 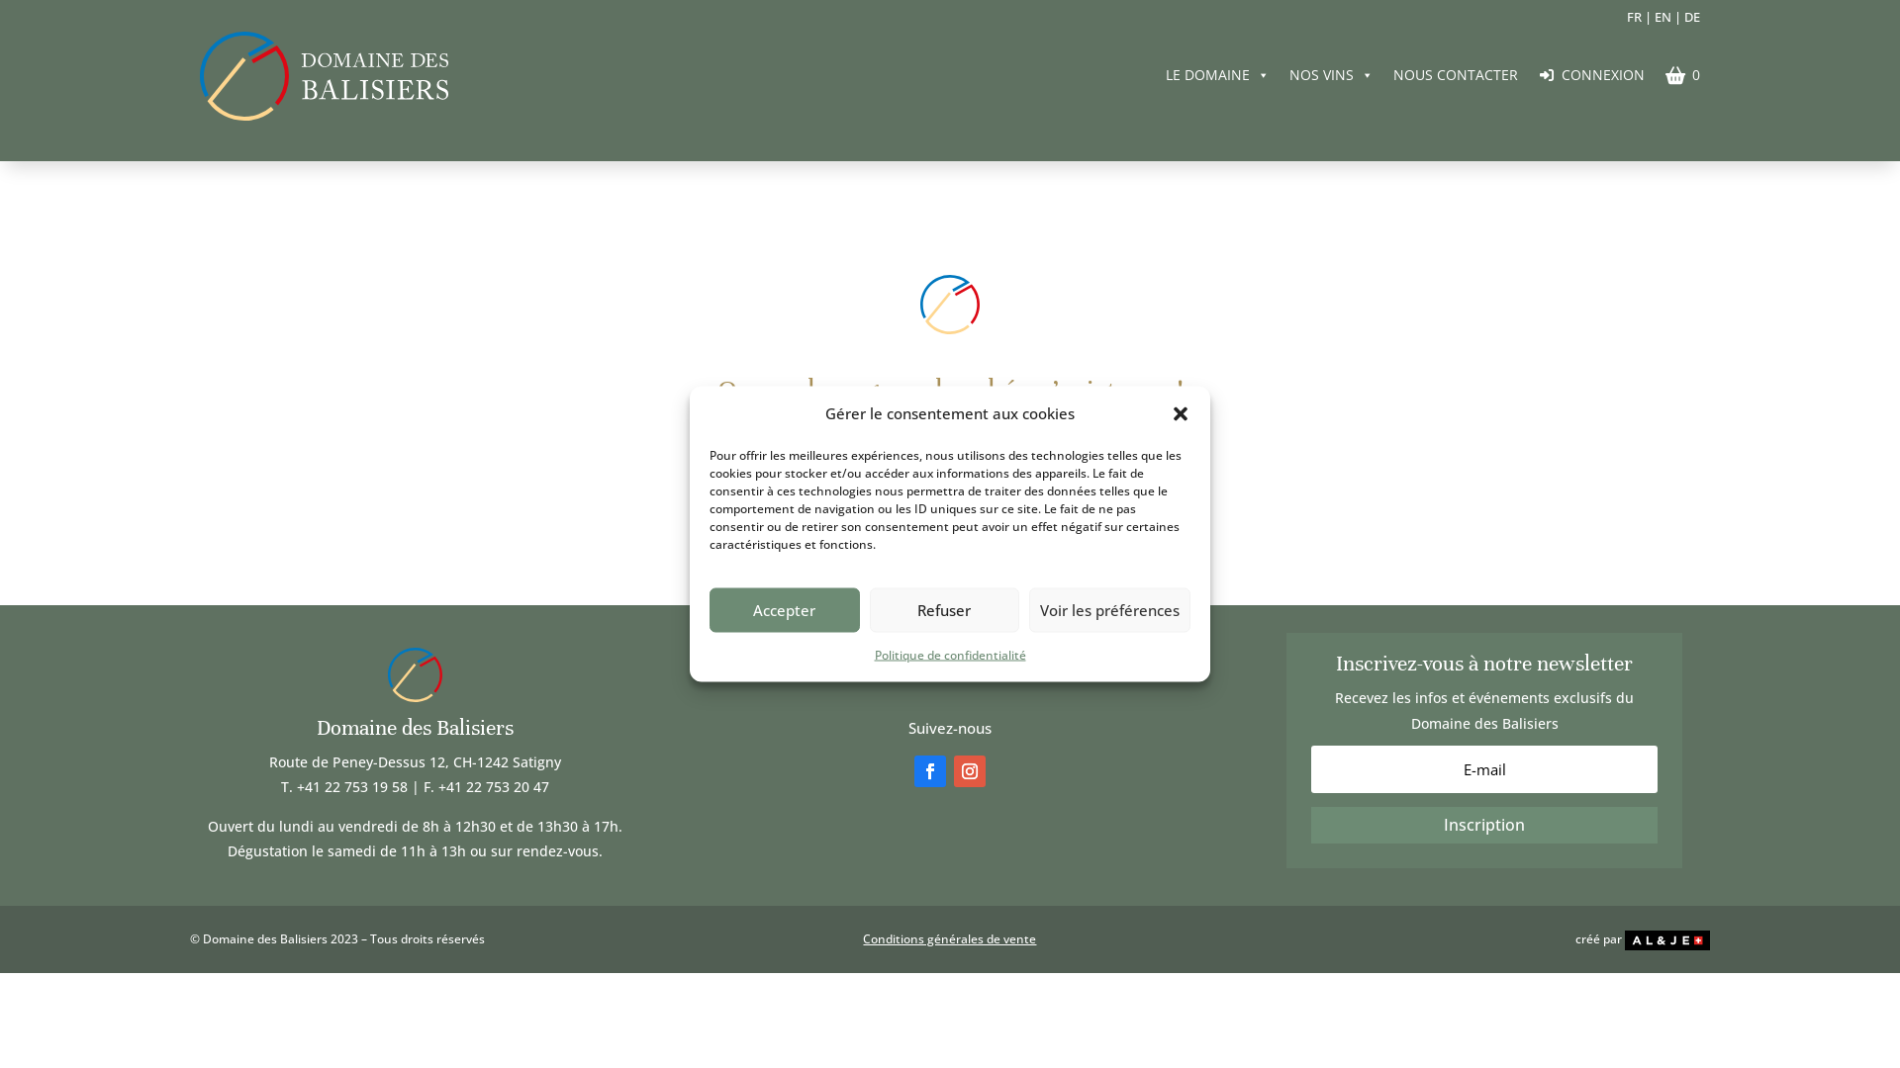 I want to click on 'NOUS CONTACTER', so click(x=1455, y=72).